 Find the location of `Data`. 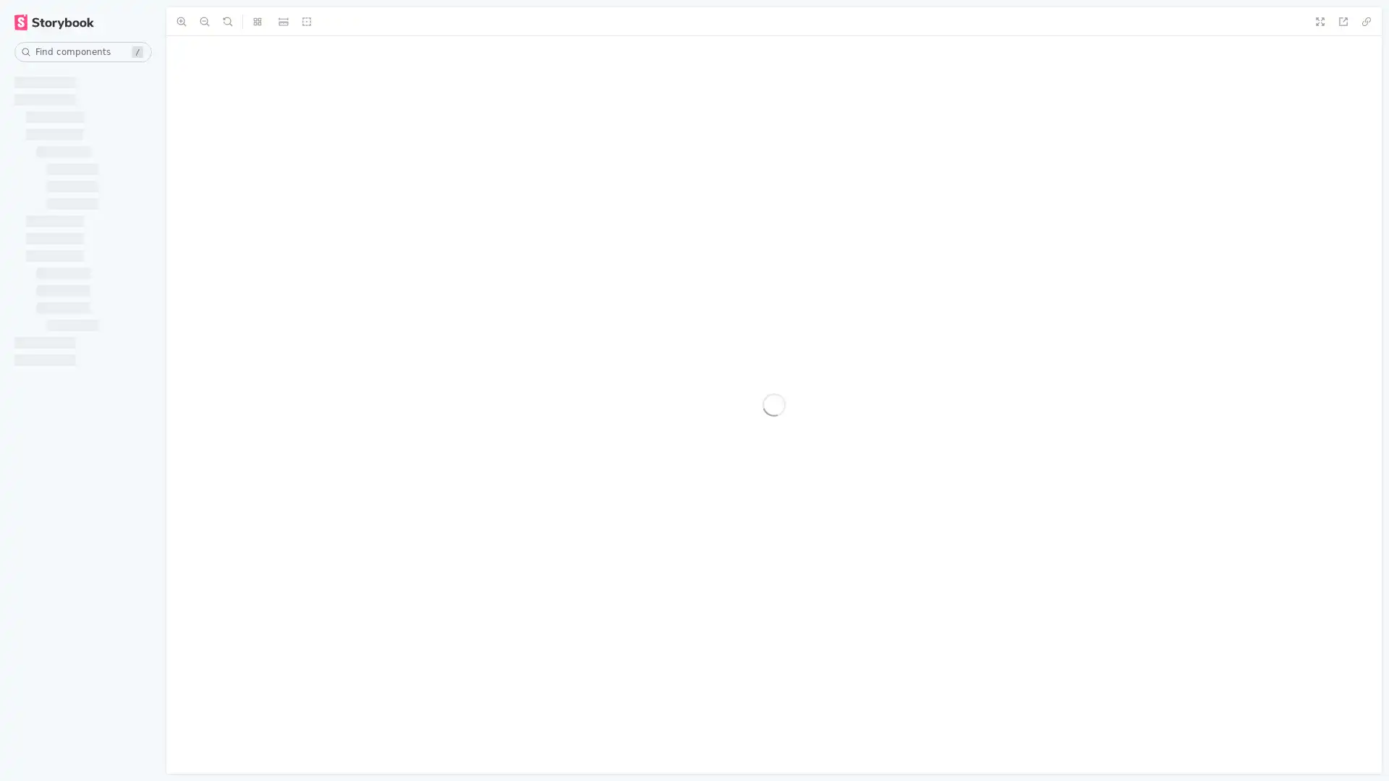

Data is located at coordinates (410, 22).